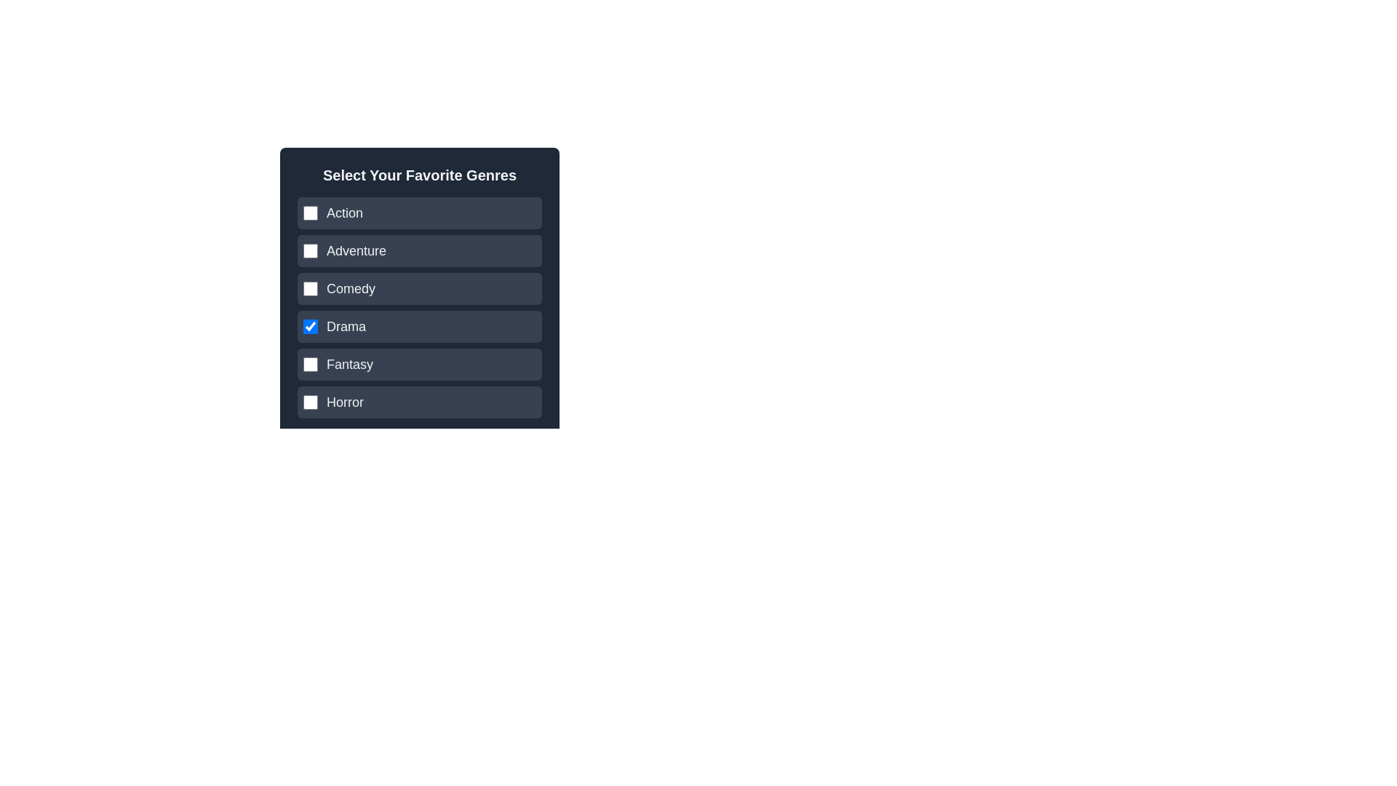  I want to click on the checkbox with a white interior and a blue tint, located next to the label 'Action', so click(310, 213).